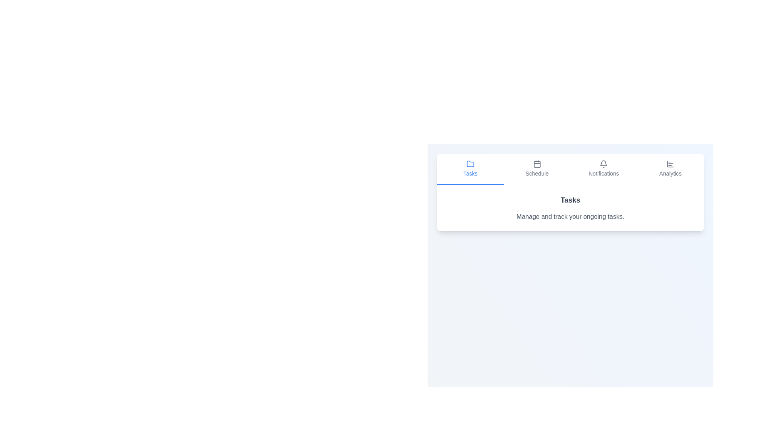 The width and height of the screenshot is (763, 429). I want to click on the Analytics tab by clicking on its button, so click(670, 168).